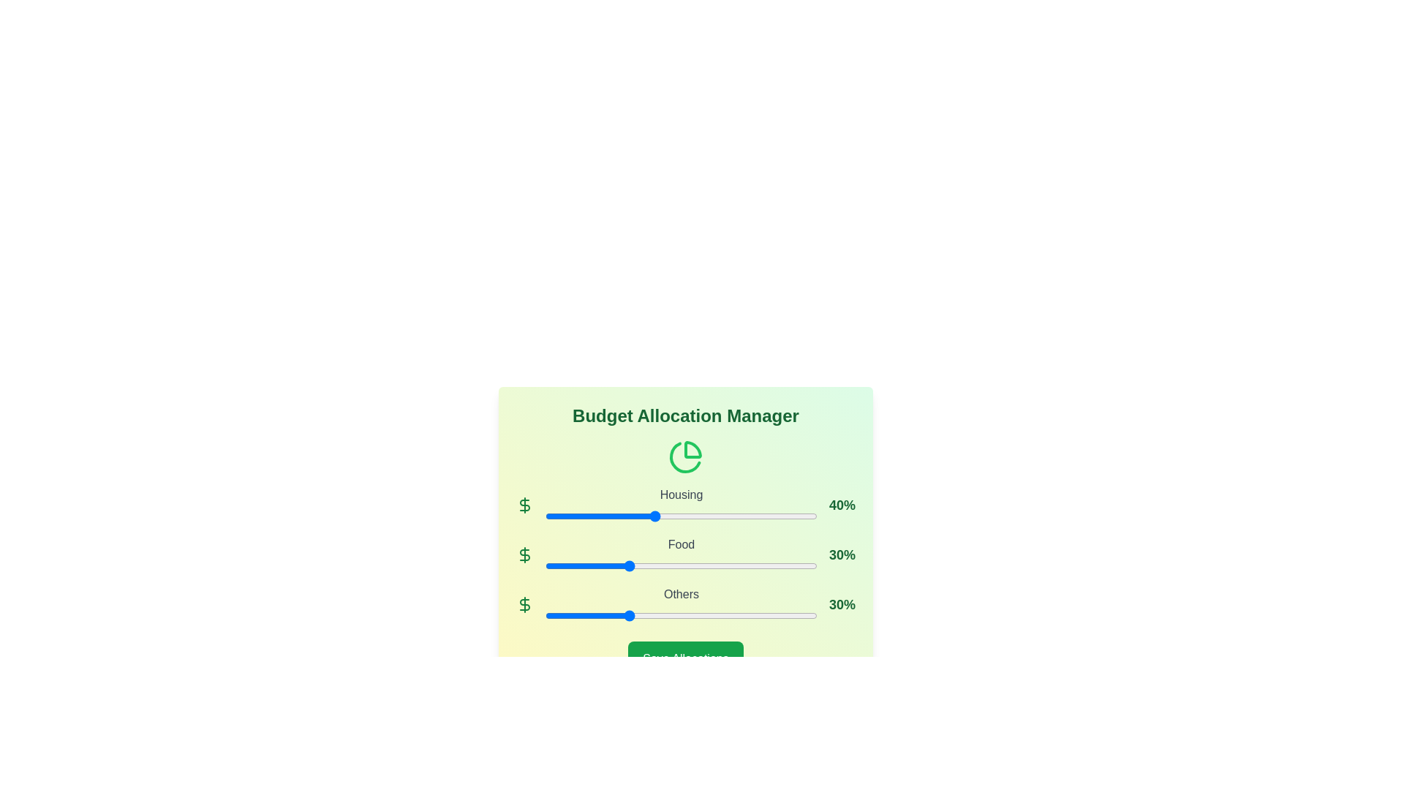 This screenshot has height=790, width=1404. I want to click on 'Save Allocations' button to save the changes, so click(684, 659).